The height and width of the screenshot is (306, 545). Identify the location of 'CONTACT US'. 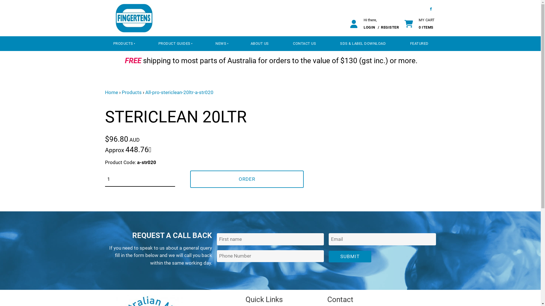
(280, 43).